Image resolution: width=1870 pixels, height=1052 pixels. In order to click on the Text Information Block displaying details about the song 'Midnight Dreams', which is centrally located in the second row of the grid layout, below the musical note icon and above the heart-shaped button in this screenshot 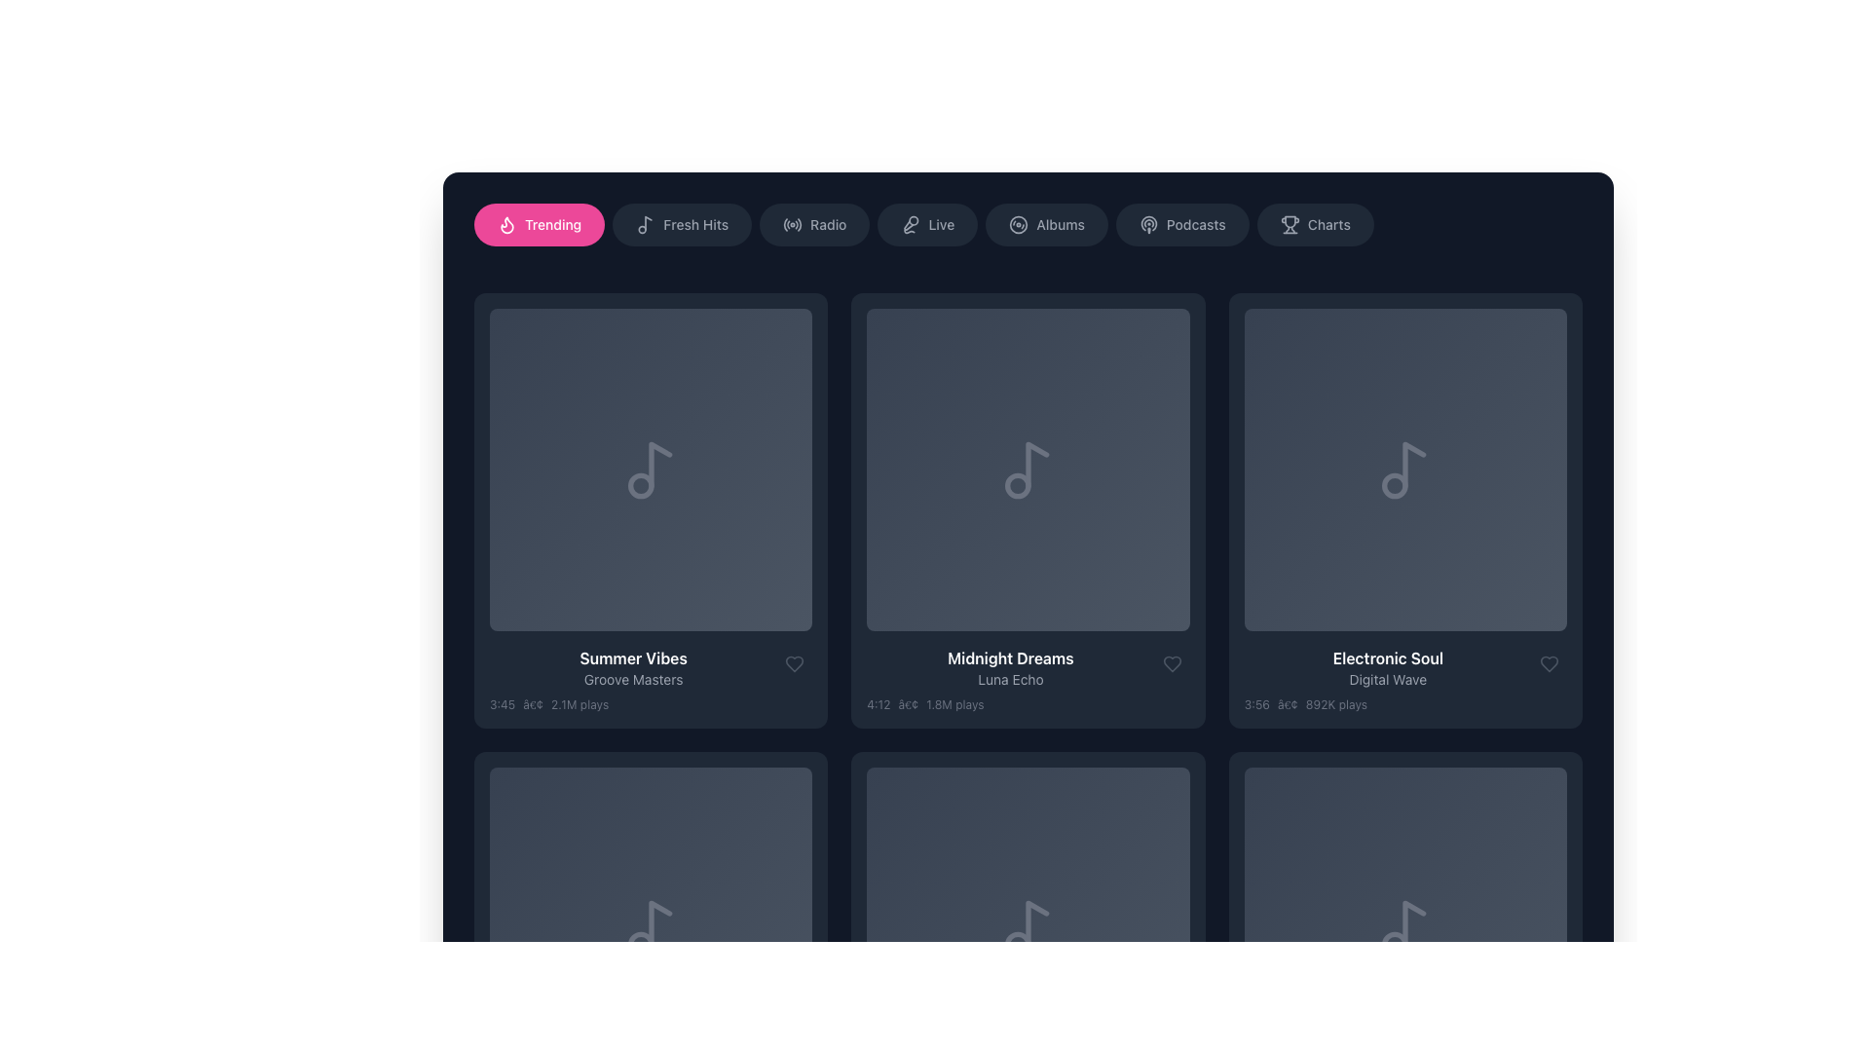, I will do `click(1010, 679)`.